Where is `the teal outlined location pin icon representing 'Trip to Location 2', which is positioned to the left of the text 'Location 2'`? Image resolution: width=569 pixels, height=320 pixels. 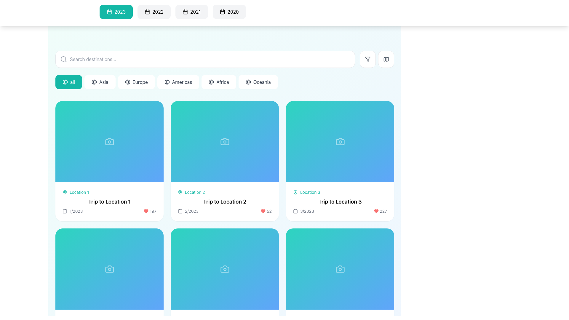 the teal outlined location pin icon representing 'Trip to Location 2', which is positioned to the left of the text 'Location 2' is located at coordinates (180, 192).